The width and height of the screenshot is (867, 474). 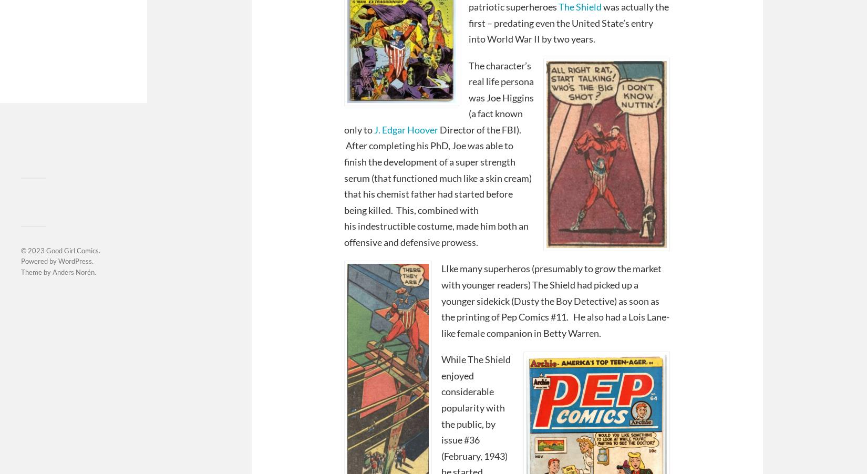 What do you see at coordinates (373, 129) in the screenshot?
I see `'J. Edgar Hoover'` at bounding box center [373, 129].